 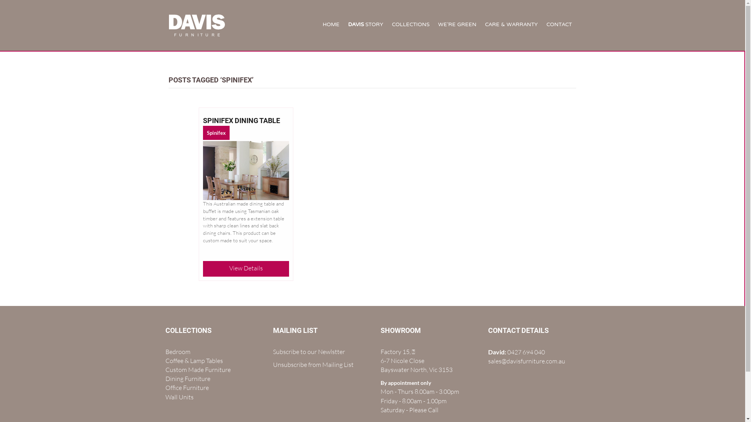 What do you see at coordinates (511, 25) in the screenshot?
I see `'CARE & WARRANTY'` at bounding box center [511, 25].